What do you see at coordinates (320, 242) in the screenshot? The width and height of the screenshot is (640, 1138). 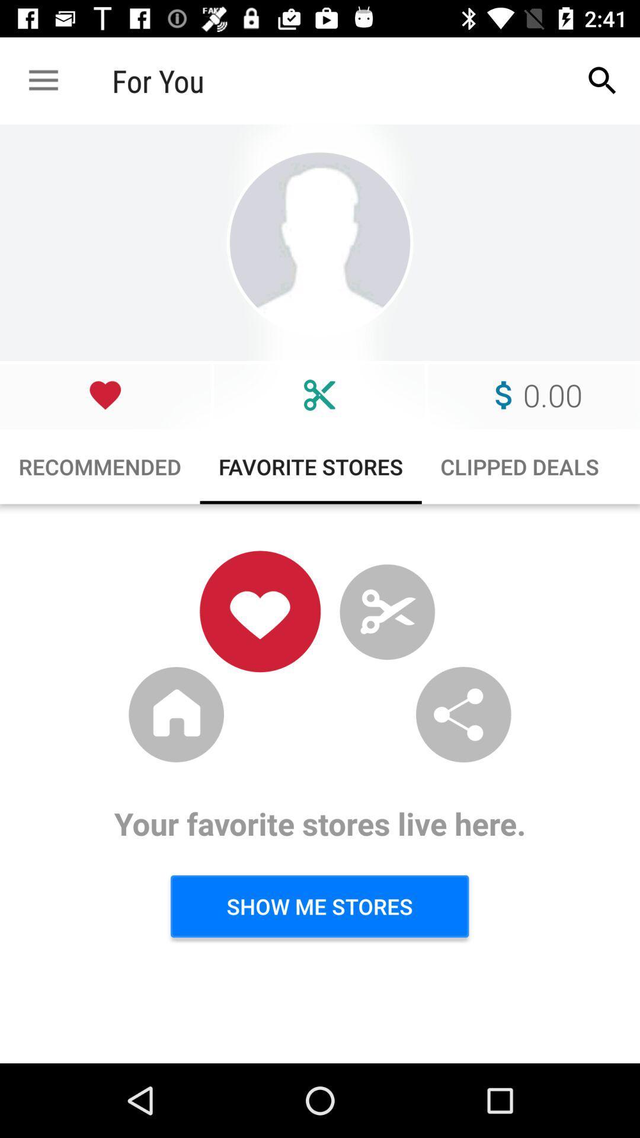 I see `a place to edit profile picture` at bounding box center [320, 242].